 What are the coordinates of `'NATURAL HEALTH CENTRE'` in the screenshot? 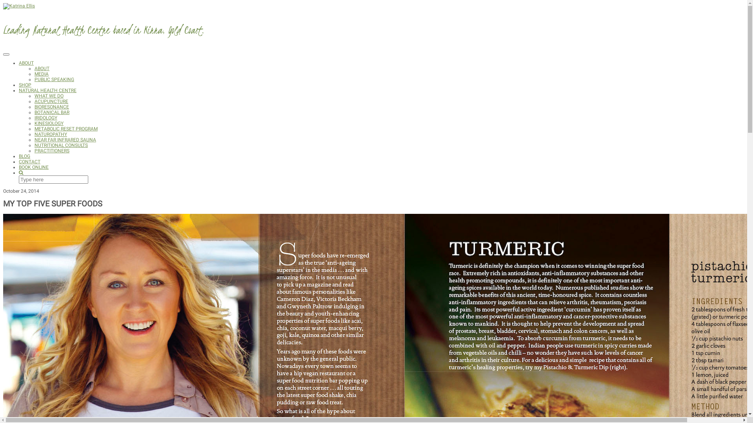 It's located at (19, 90).